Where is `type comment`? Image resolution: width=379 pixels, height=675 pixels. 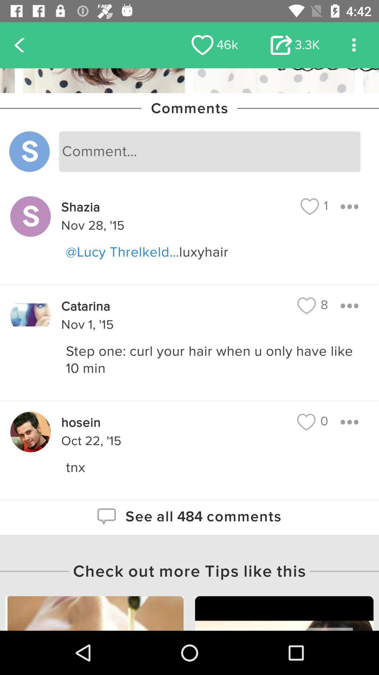 type comment is located at coordinates (209, 151).